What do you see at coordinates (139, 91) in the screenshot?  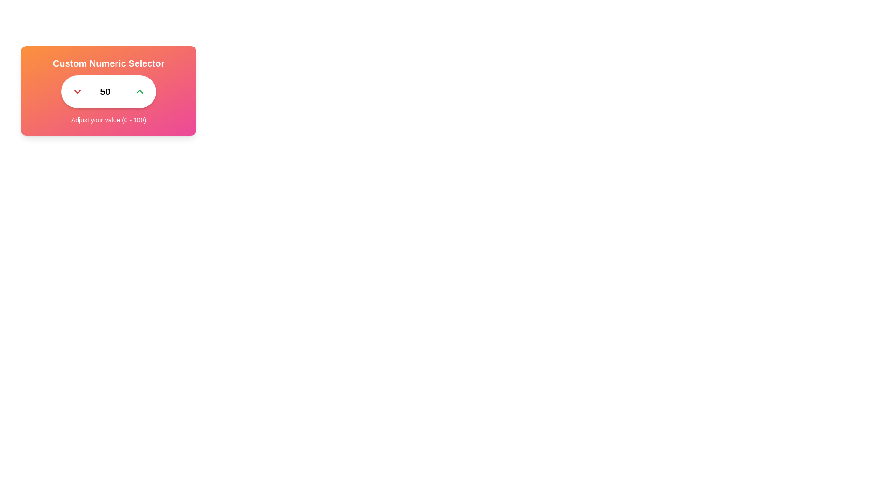 I see `the chevron arrow icon located on the right side of the number input component to increment the displayed value` at bounding box center [139, 91].